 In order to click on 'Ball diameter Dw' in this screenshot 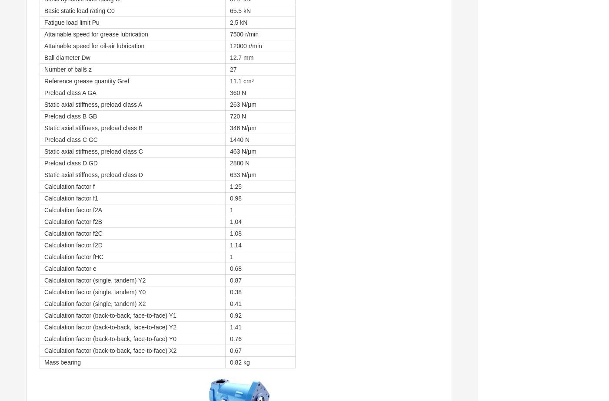, I will do `click(67, 57)`.